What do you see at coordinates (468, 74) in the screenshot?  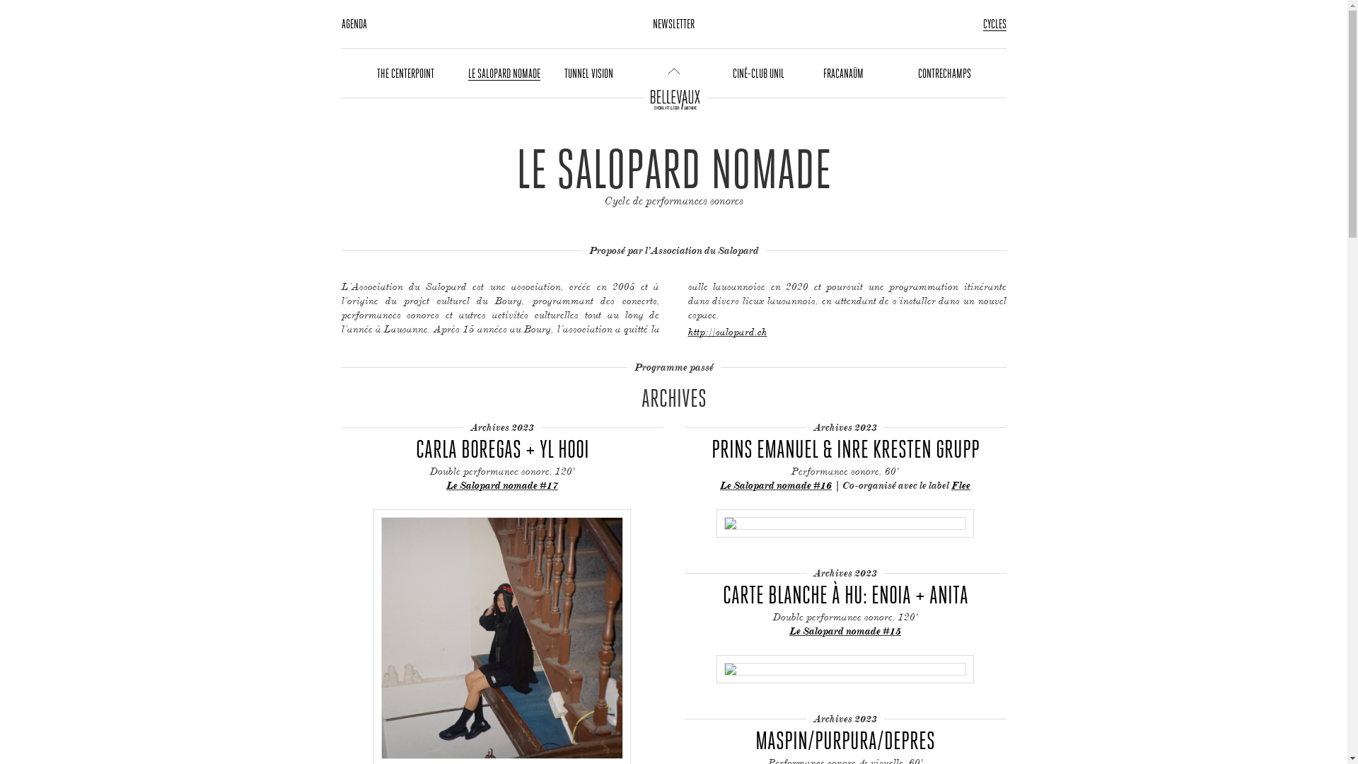 I see `'LE SALOPARD NOMADE'` at bounding box center [468, 74].